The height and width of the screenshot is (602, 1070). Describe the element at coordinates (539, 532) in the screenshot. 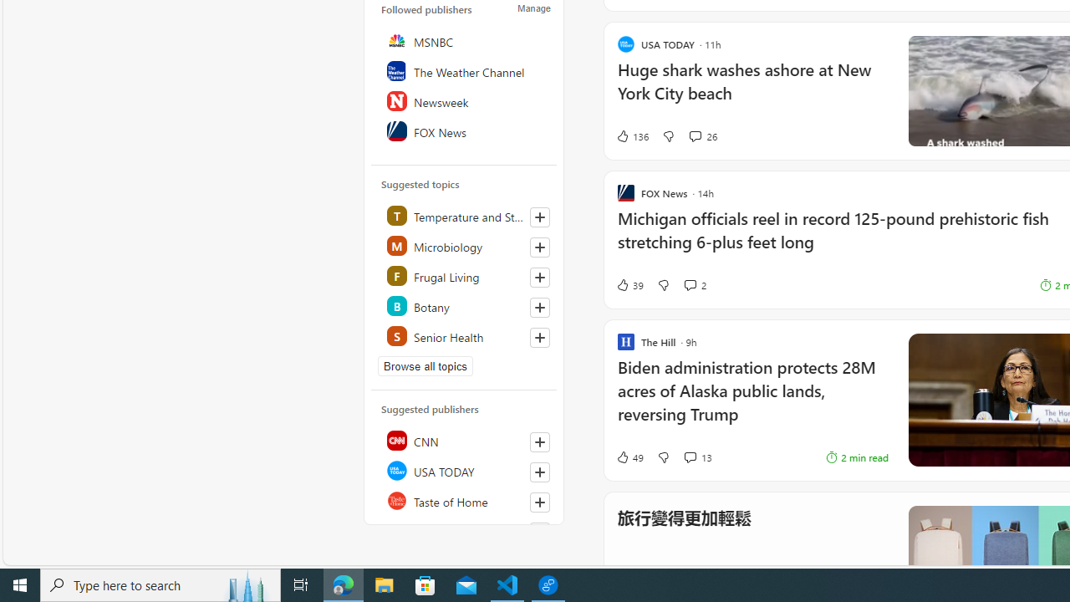

I see `'Follow this source'` at that location.